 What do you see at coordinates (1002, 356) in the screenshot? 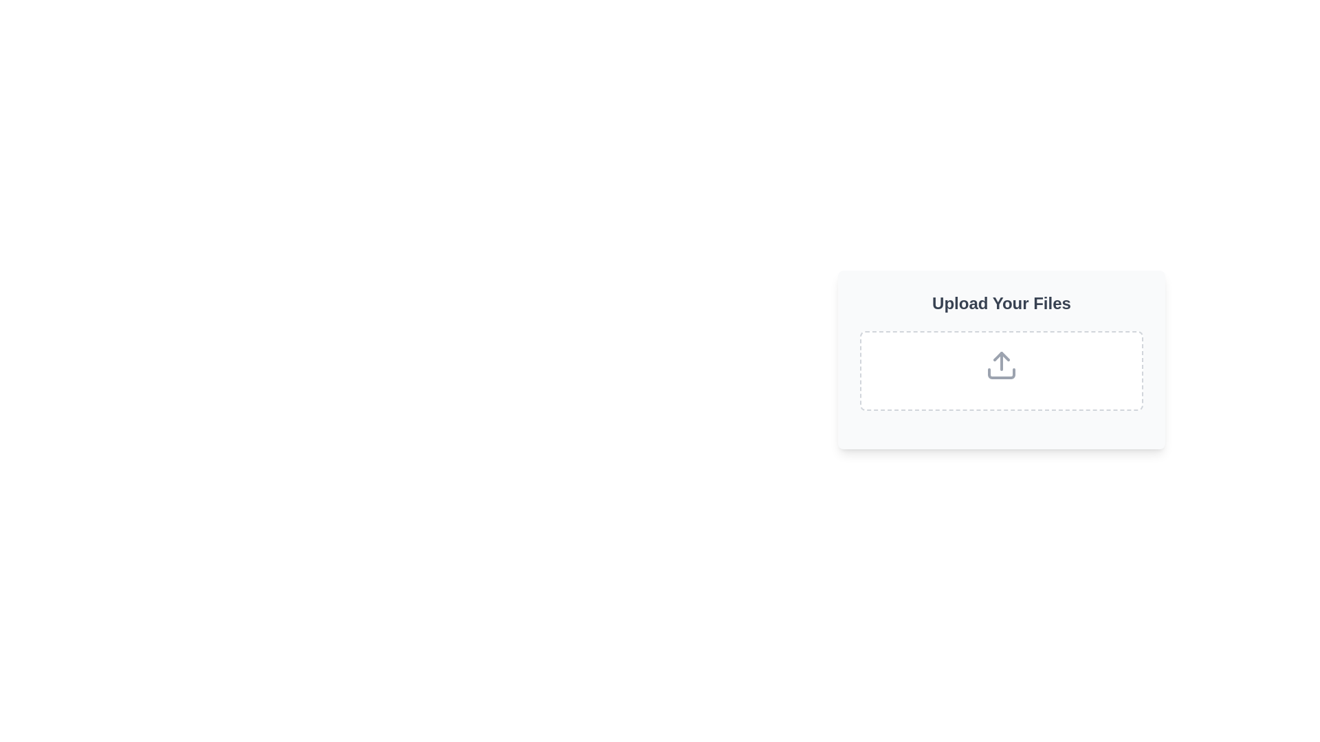
I see `the triangular graphical icon representing file upload, which is located in the center of the upload icon and styled in gray` at bounding box center [1002, 356].